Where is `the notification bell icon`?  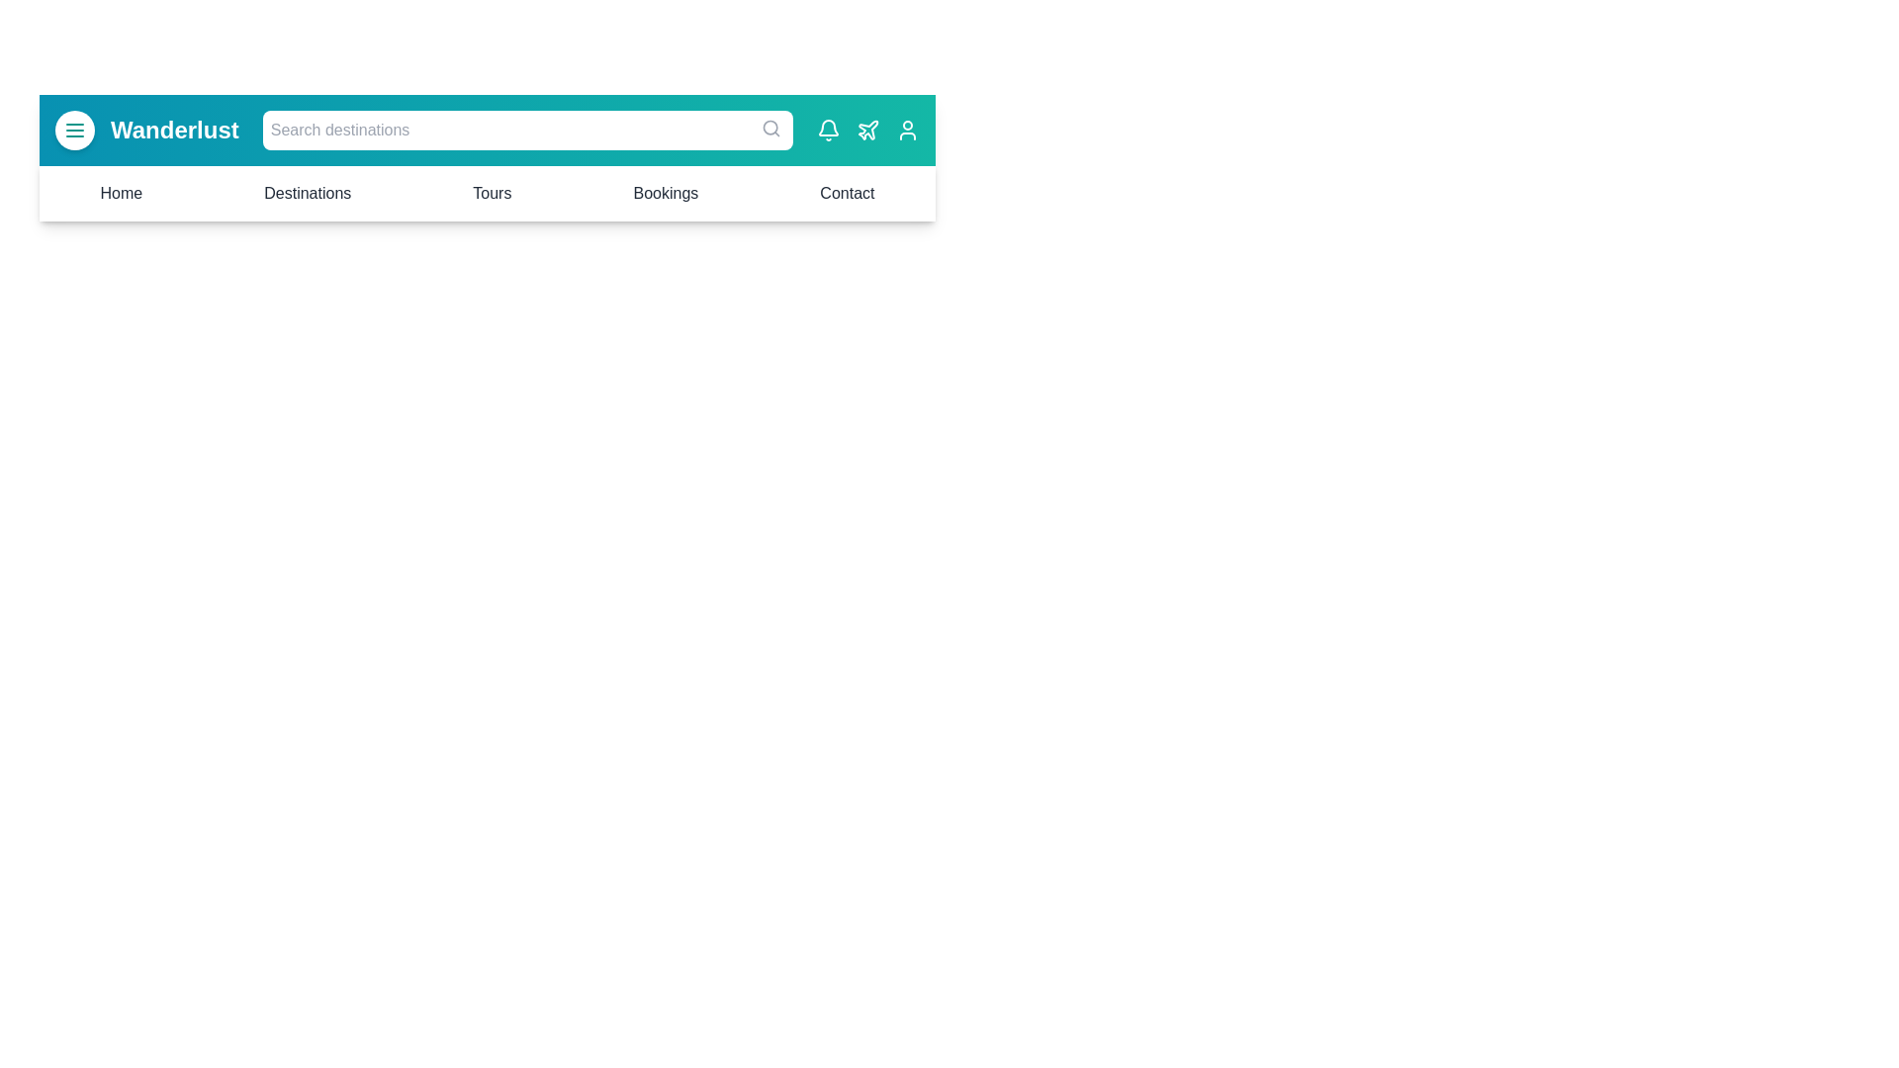
the notification bell icon is located at coordinates (829, 130).